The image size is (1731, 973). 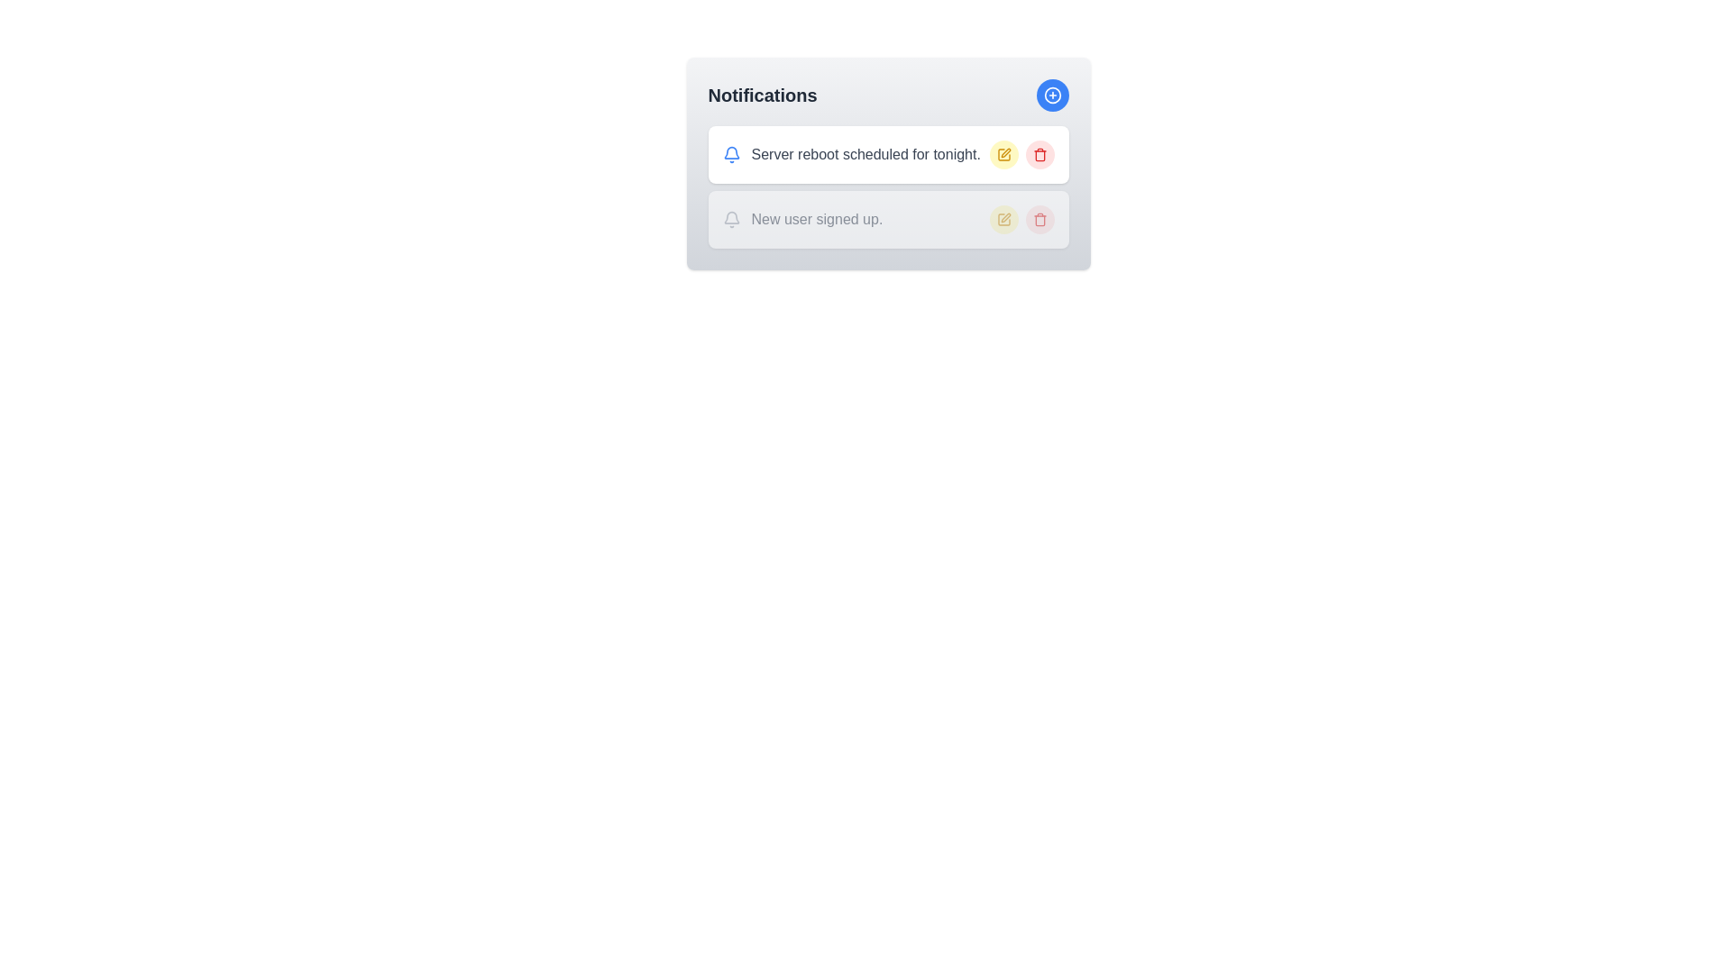 What do you see at coordinates (1040, 154) in the screenshot?
I see `the delete button for a notification entry located at the far right of the notification entry` at bounding box center [1040, 154].